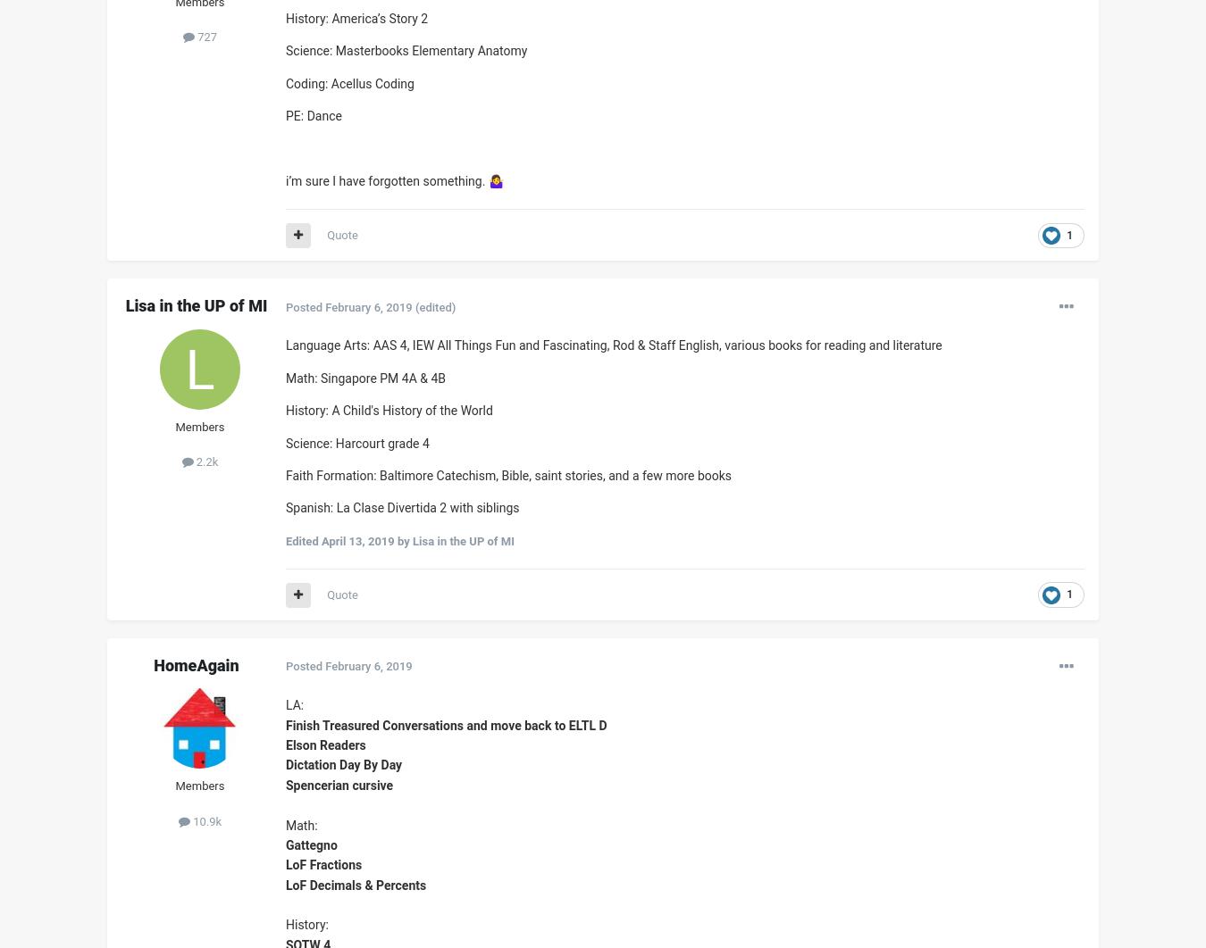 This screenshot has width=1206, height=948. I want to click on 'Faith Formation: Baltimore Catechism, Bible, saint stories, and a few more books', so click(284, 476).